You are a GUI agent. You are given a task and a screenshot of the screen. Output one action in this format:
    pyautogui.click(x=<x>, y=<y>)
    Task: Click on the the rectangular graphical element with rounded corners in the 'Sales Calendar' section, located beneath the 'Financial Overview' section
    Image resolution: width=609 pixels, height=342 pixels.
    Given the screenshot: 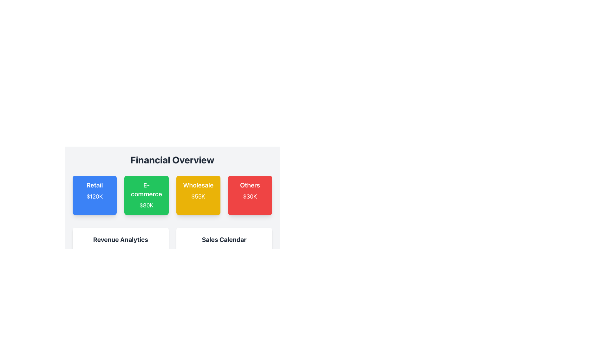 What is the action you would take?
    pyautogui.click(x=224, y=266)
    